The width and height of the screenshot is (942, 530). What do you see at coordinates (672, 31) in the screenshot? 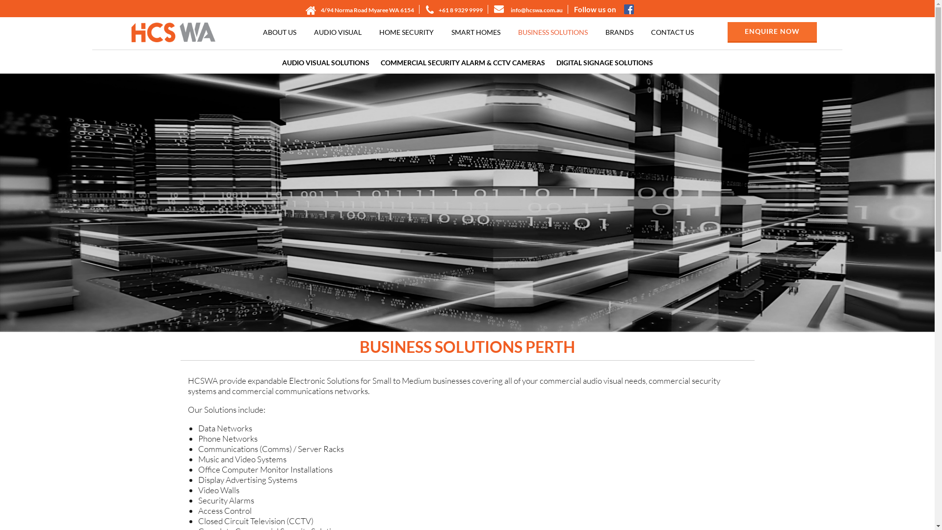
I see `'CONTACT US'` at bounding box center [672, 31].